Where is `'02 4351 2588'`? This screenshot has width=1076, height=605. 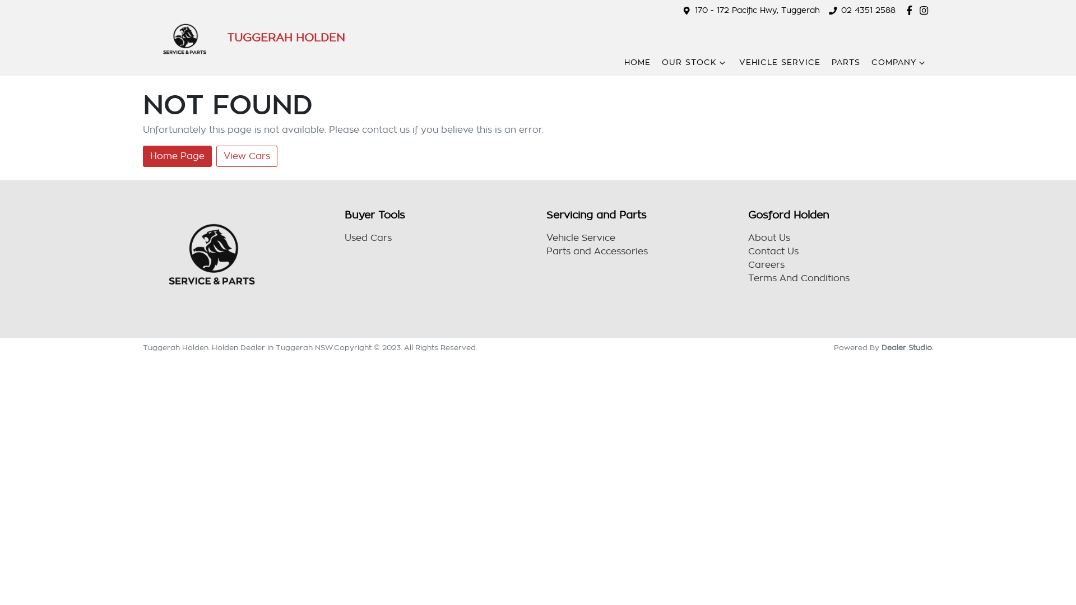
'02 4351 2588' is located at coordinates (868, 10).